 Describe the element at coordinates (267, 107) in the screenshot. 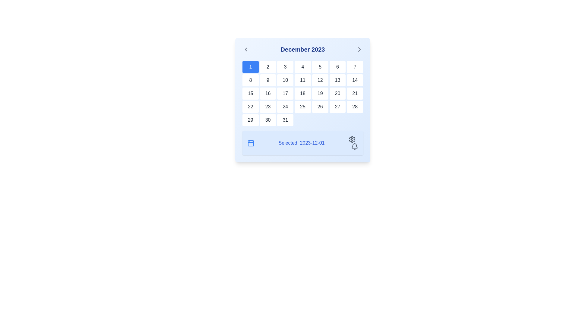

I see `the Calendar date cell displaying the date 23rd` at that location.